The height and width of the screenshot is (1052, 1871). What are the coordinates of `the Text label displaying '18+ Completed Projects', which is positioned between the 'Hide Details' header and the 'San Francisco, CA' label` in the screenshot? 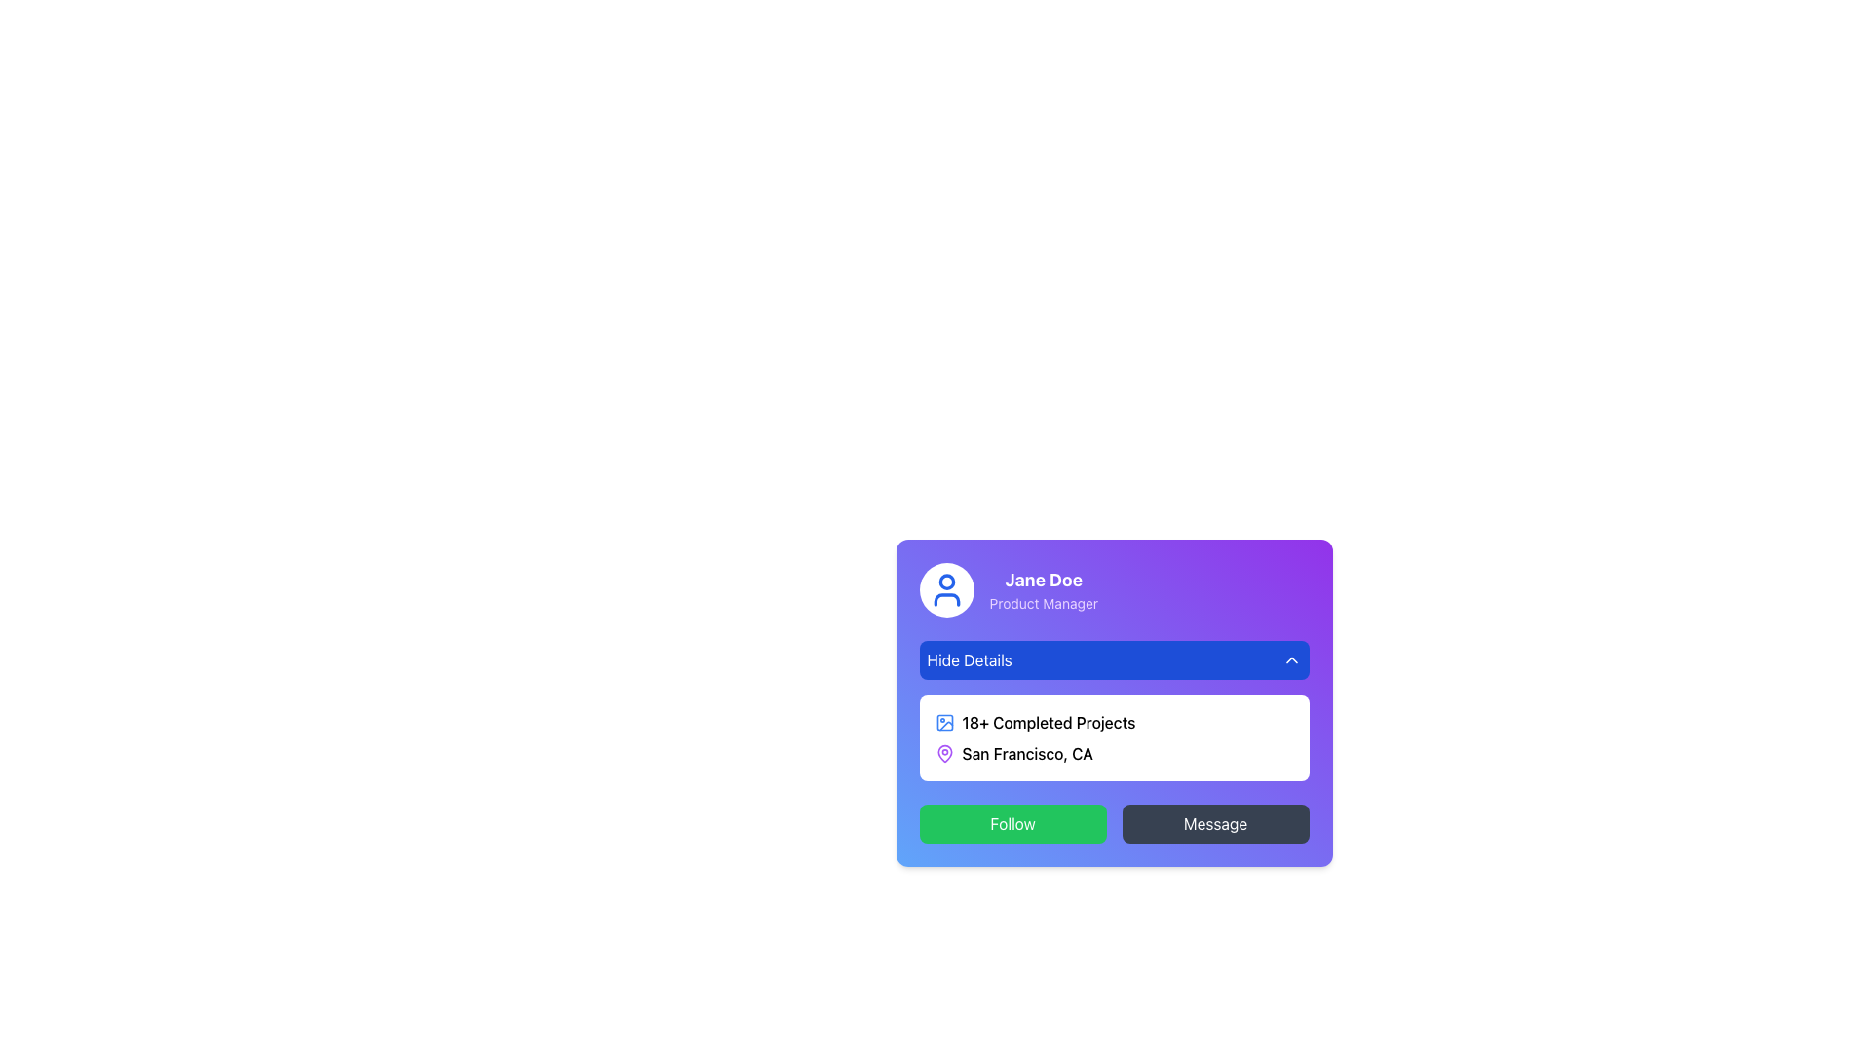 It's located at (1048, 722).